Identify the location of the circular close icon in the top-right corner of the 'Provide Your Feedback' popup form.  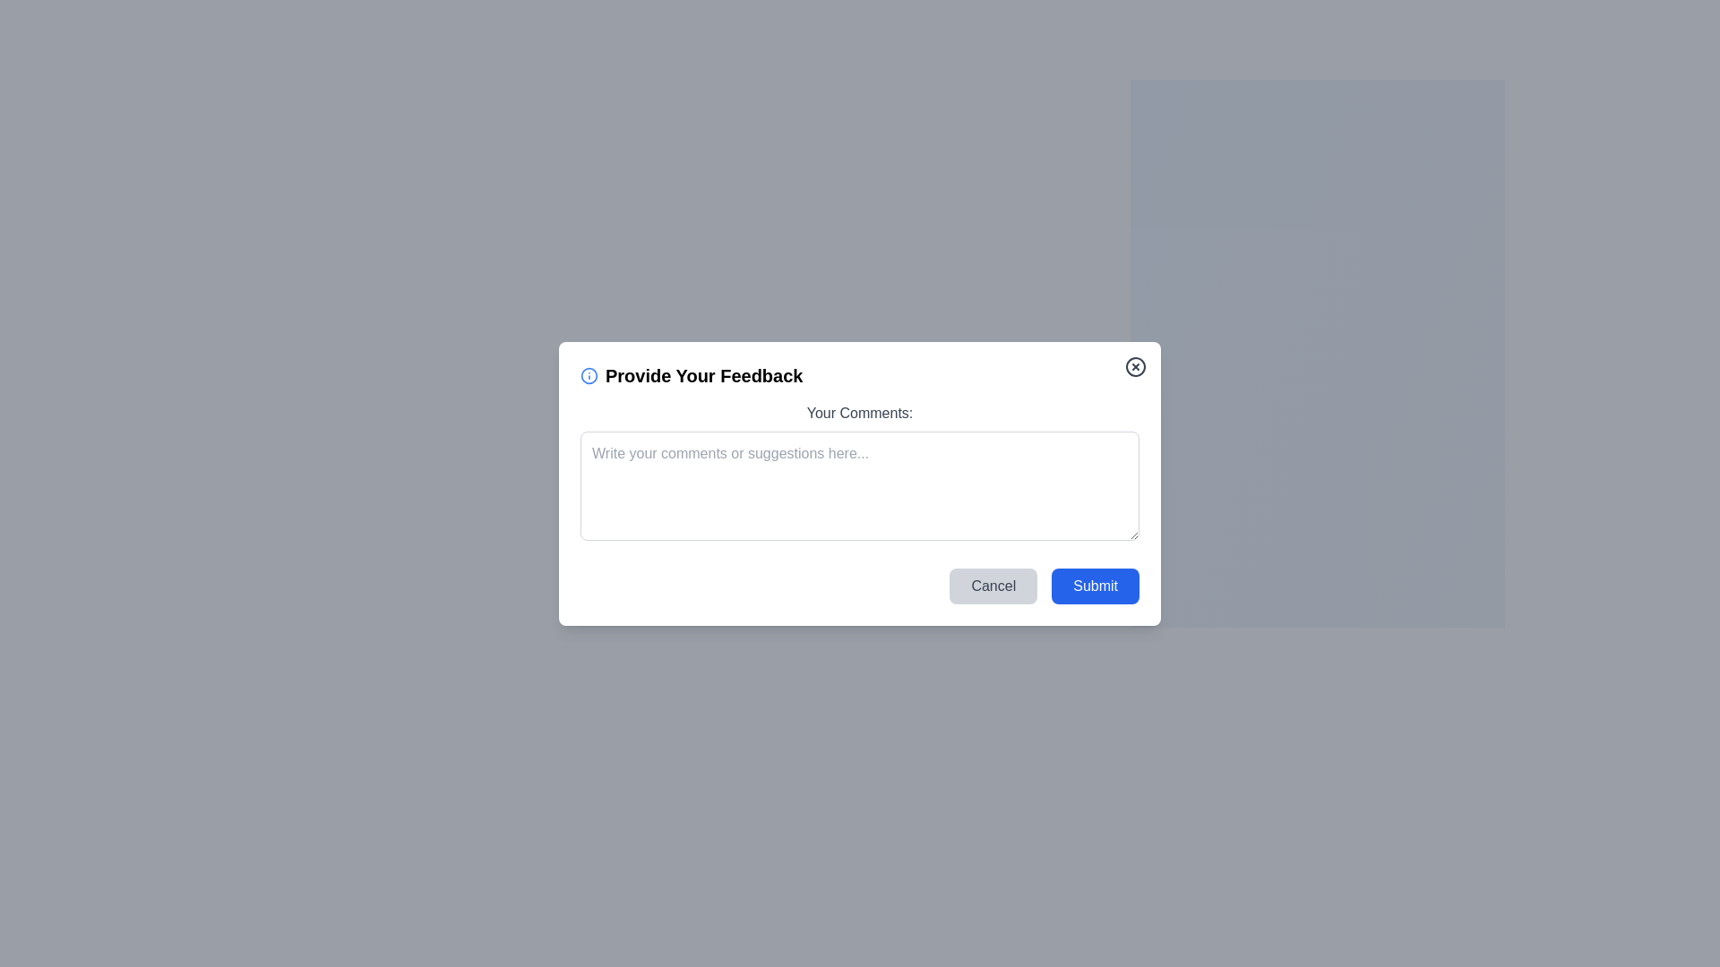
(1134, 365).